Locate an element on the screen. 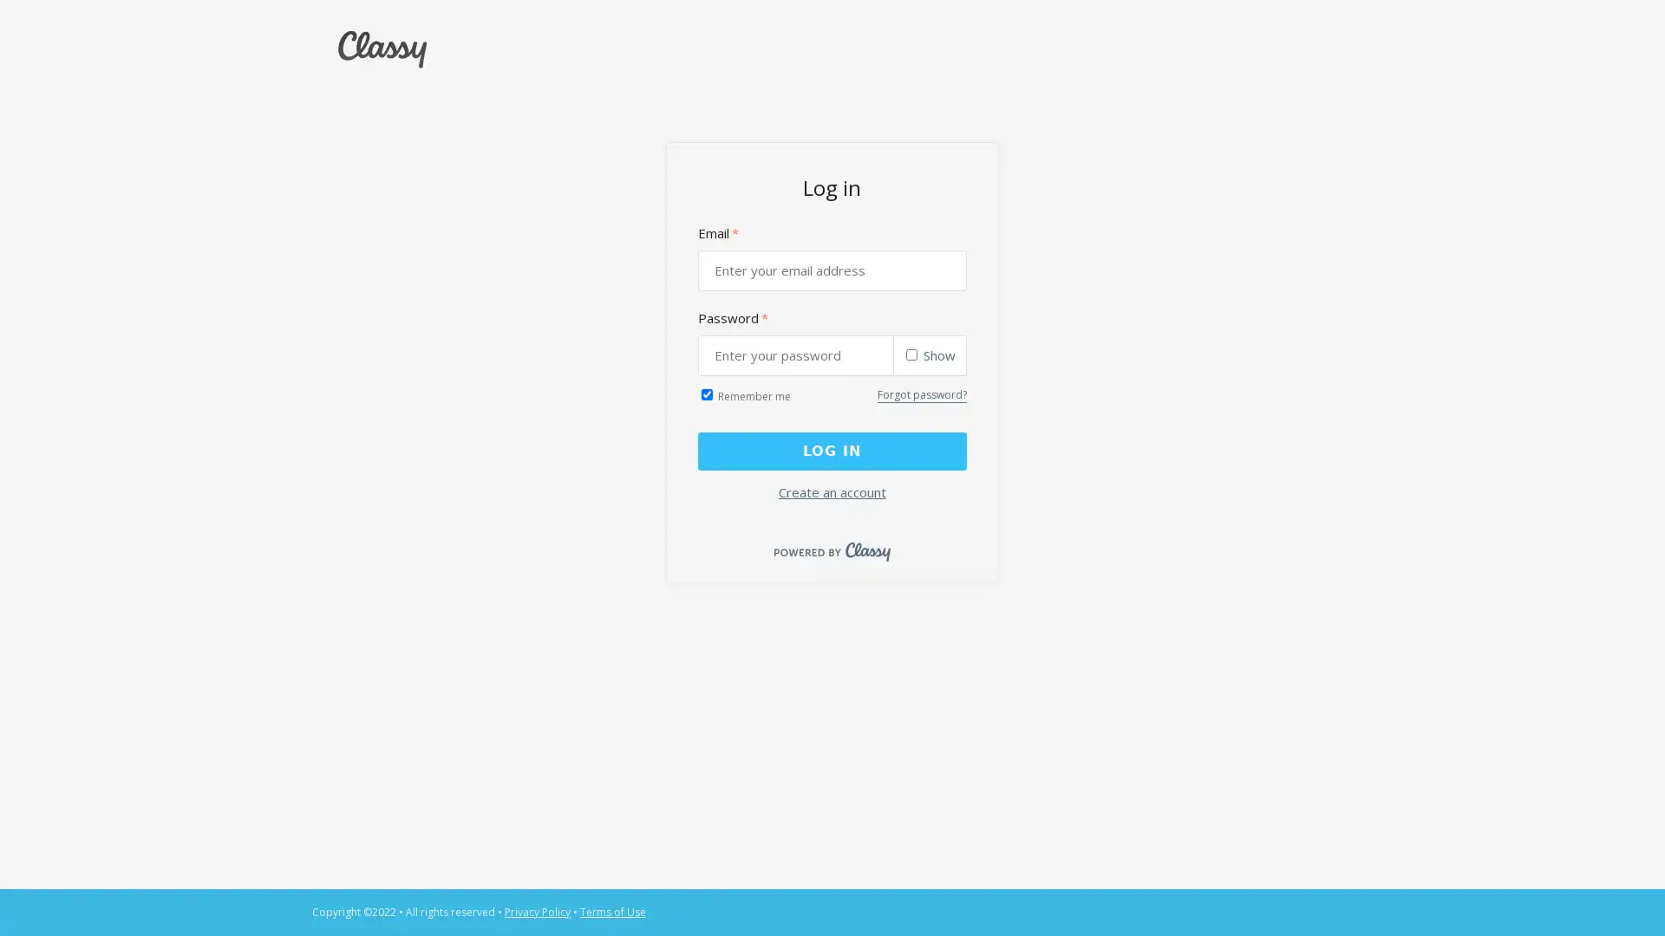  LOG IN is located at coordinates (831, 450).